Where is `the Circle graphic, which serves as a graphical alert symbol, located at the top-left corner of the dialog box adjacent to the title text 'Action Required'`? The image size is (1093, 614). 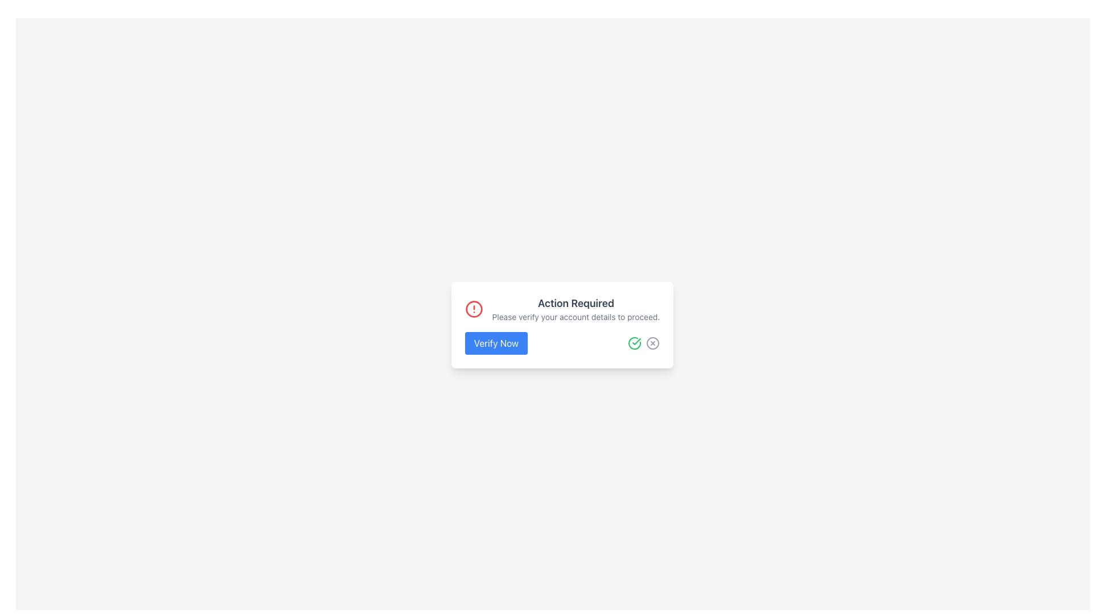 the Circle graphic, which serves as a graphical alert symbol, located at the top-left corner of the dialog box adjacent to the title text 'Action Required' is located at coordinates (474, 309).